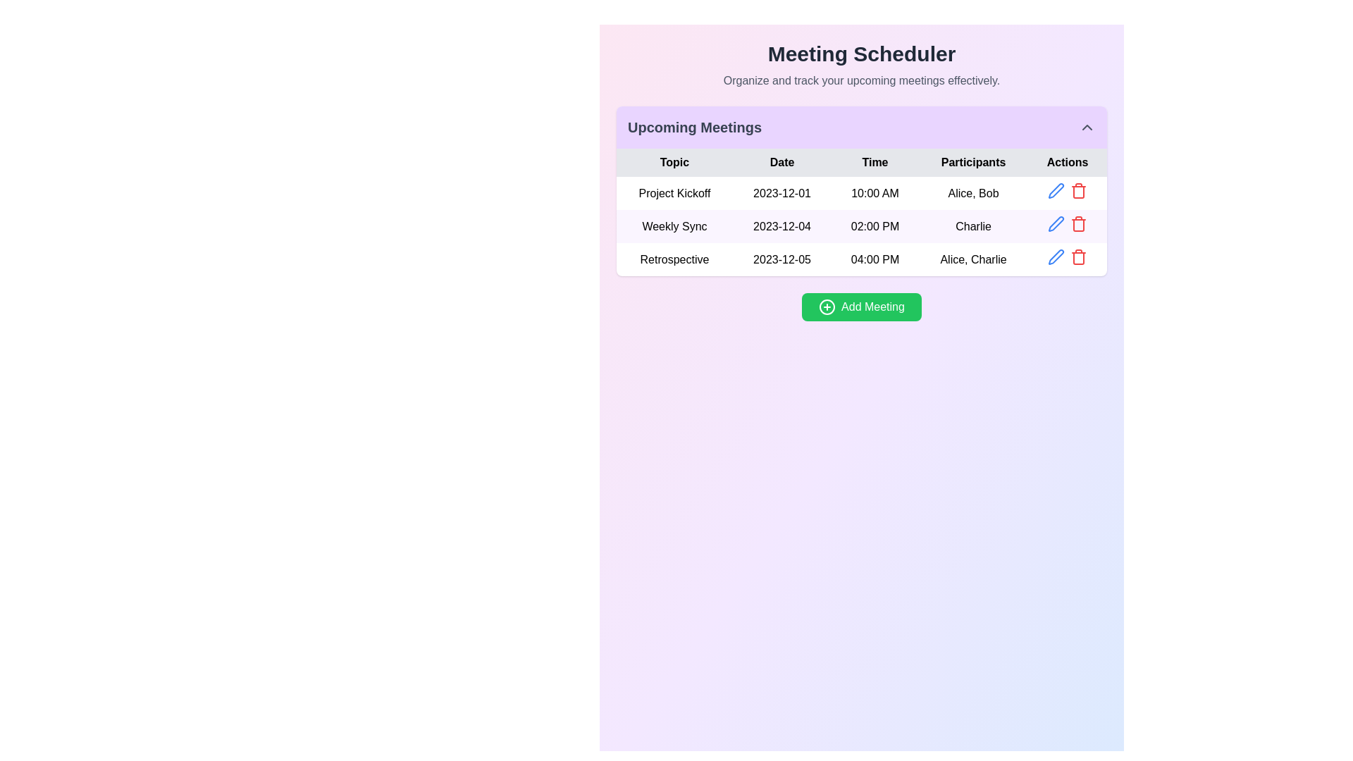 The width and height of the screenshot is (1353, 761). Describe the element at coordinates (861, 192) in the screenshot. I see `the Meeting Entry Row for 'Project Kickoff' scheduled on '2023-12-01' at '10:00 AM' to check for visual feedback` at that location.